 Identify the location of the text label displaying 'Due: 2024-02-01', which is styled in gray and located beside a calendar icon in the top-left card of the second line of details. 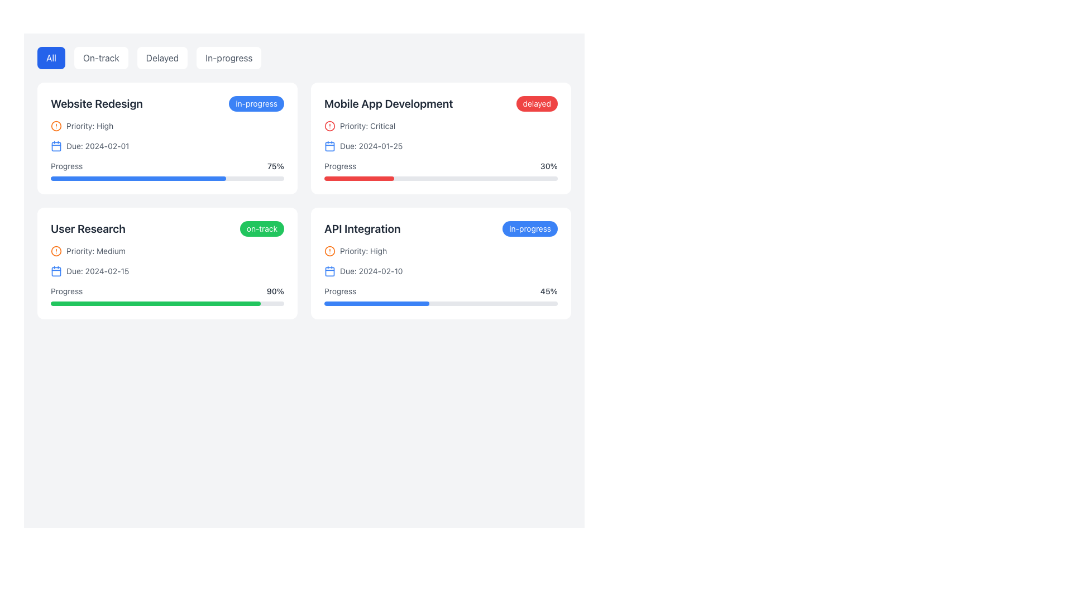
(98, 146).